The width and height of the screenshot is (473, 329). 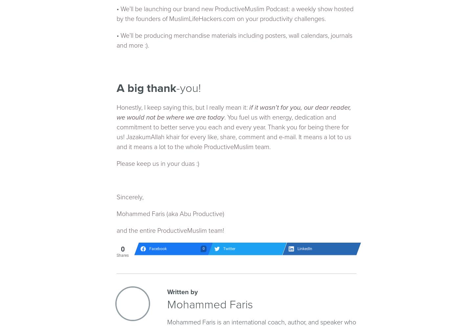 What do you see at coordinates (234, 40) in the screenshot?
I see `'• We’ll be producing merchandise materials including posters, wall calendars, journals and more :).'` at bounding box center [234, 40].